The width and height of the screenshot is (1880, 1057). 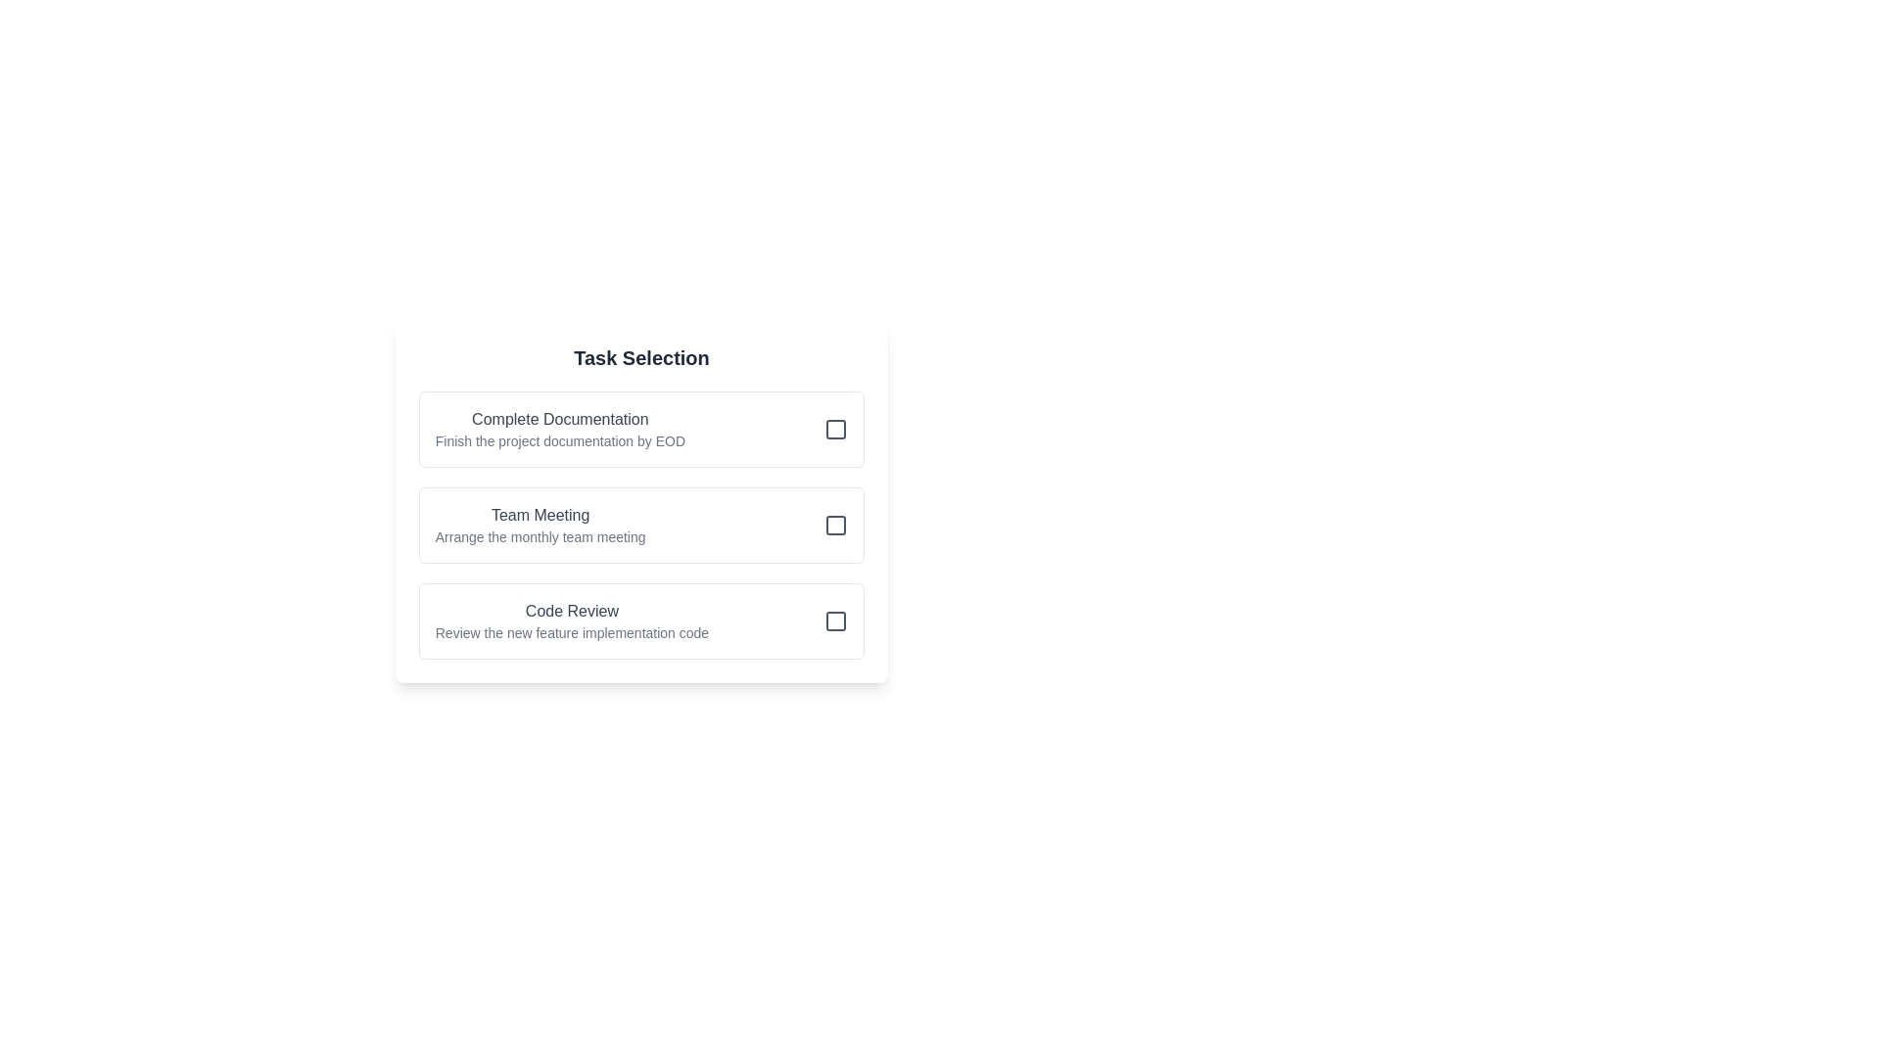 I want to click on the text element reading 'Arrange the monthly team meeting', which is styled in gray and positioned below the bold text 'Team Meeting', so click(x=540, y=536).